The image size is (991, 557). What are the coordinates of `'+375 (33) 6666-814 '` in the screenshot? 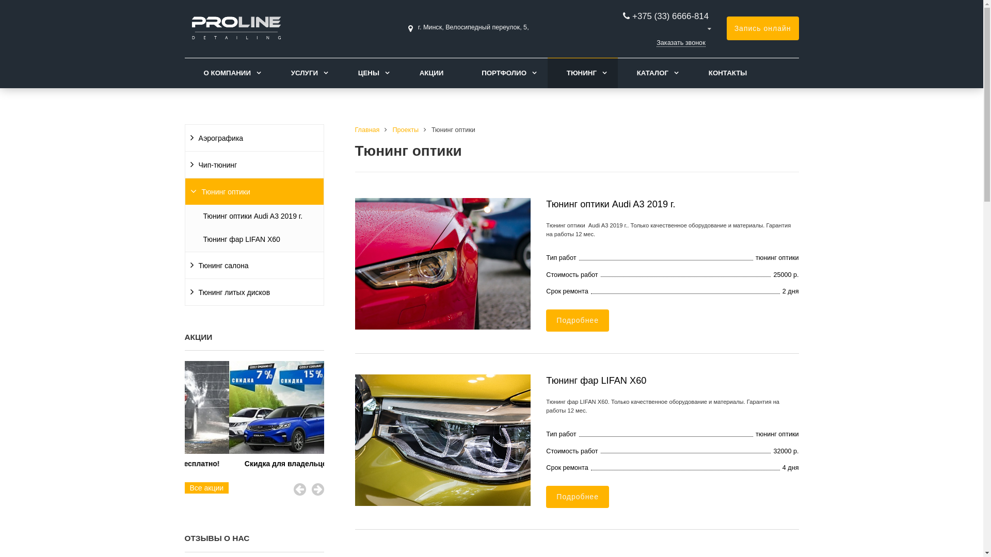 It's located at (672, 16).